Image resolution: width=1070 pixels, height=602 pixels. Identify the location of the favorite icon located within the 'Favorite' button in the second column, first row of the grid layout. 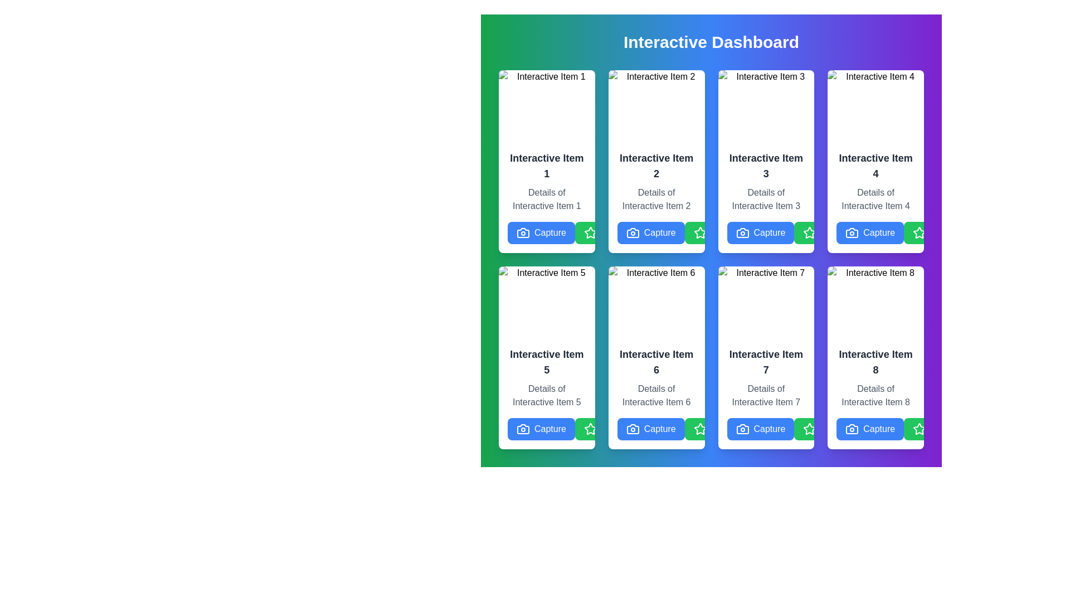
(590, 232).